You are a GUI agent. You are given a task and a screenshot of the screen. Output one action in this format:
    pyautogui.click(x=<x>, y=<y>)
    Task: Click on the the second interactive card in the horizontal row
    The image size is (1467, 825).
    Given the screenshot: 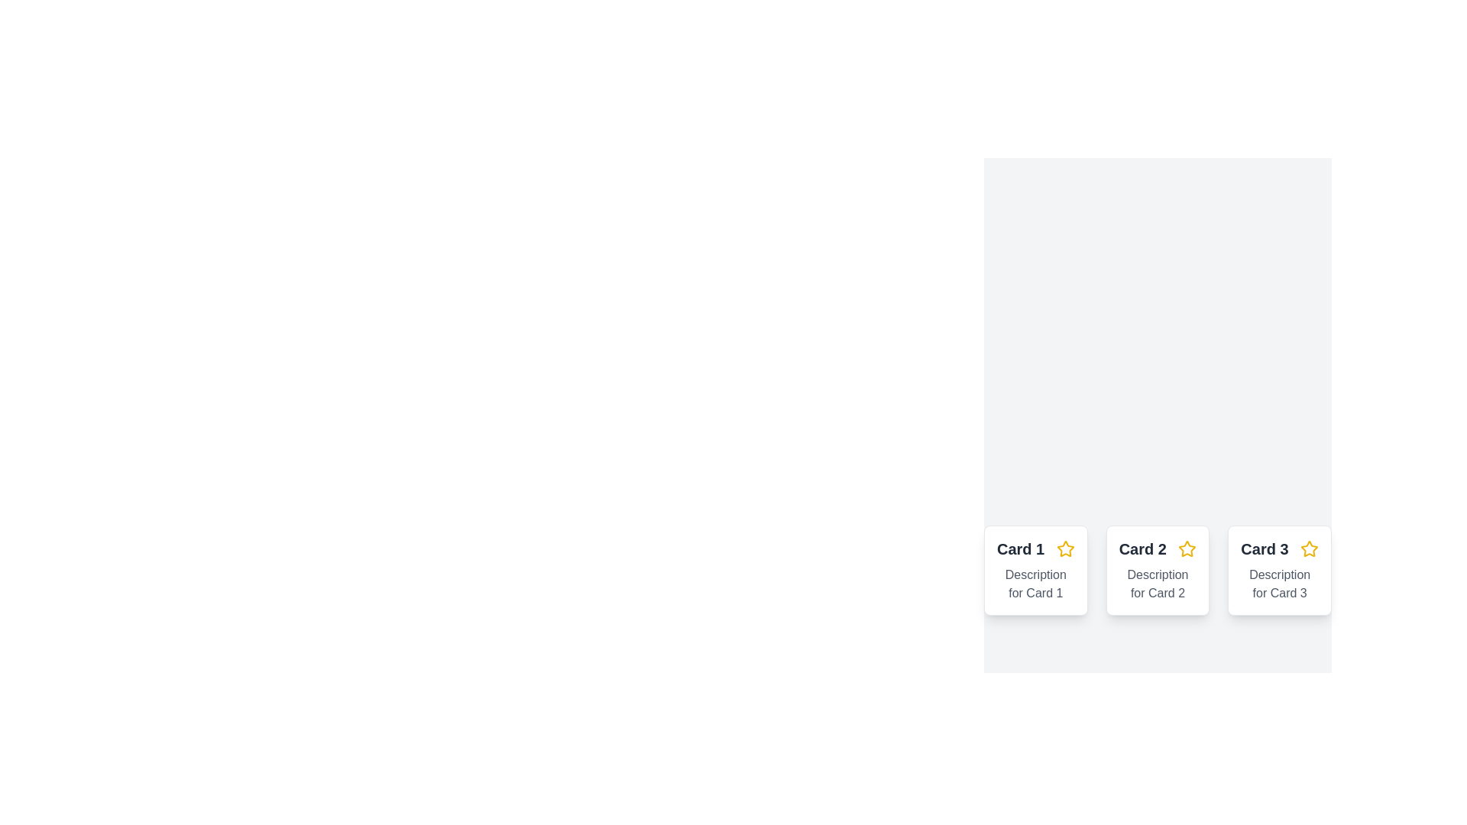 What is the action you would take?
    pyautogui.click(x=1158, y=571)
    